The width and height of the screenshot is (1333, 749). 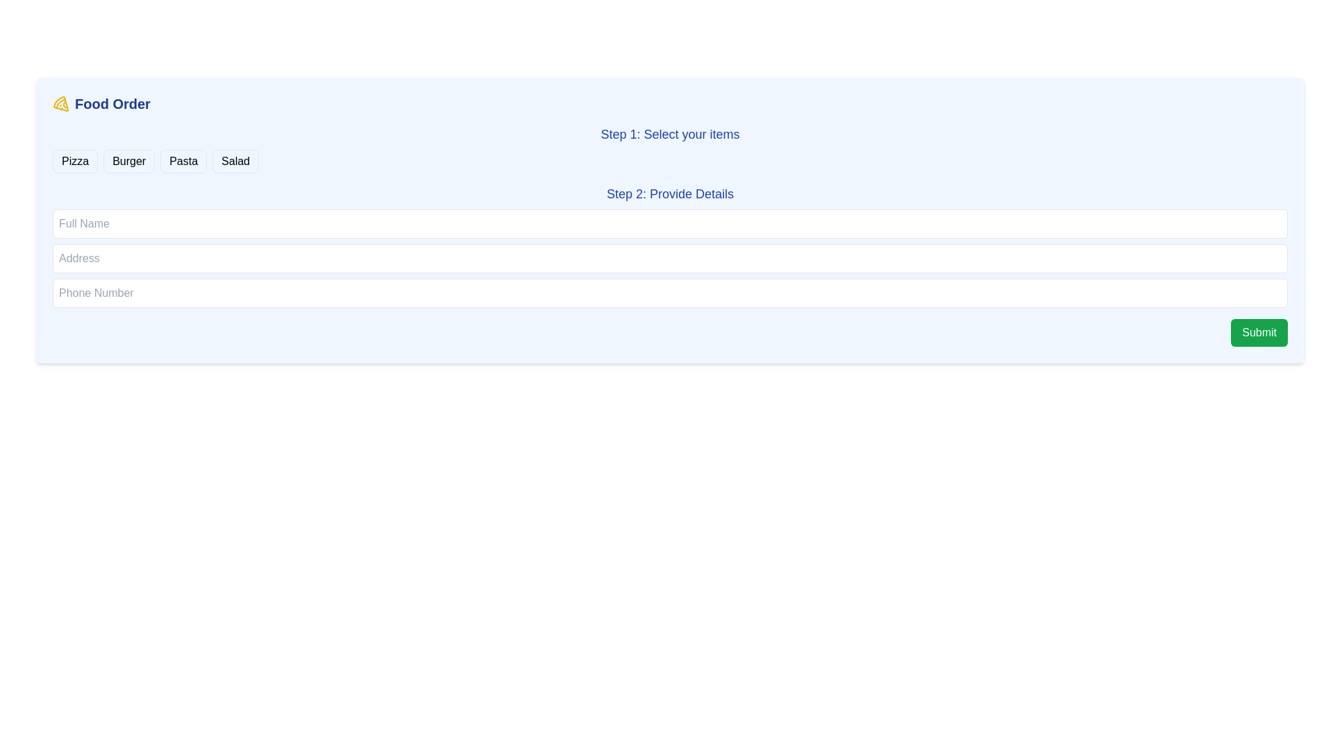 What do you see at coordinates (183, 160) in the screenshot?
I see `the 'Pasta' selection button` at bounding box center [183, 160].